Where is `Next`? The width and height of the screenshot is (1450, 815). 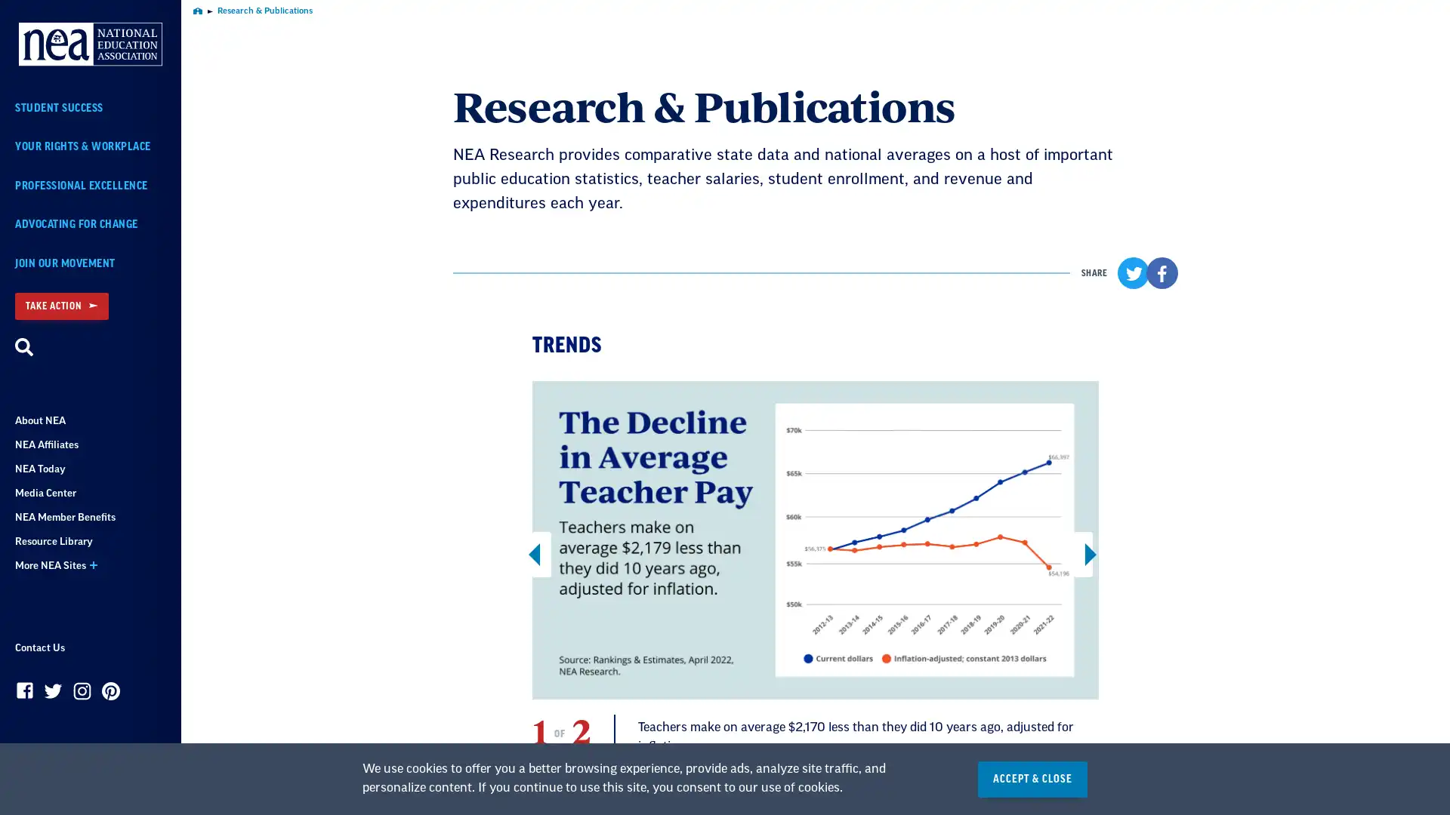 Next is located at coordinates (1082, 553).